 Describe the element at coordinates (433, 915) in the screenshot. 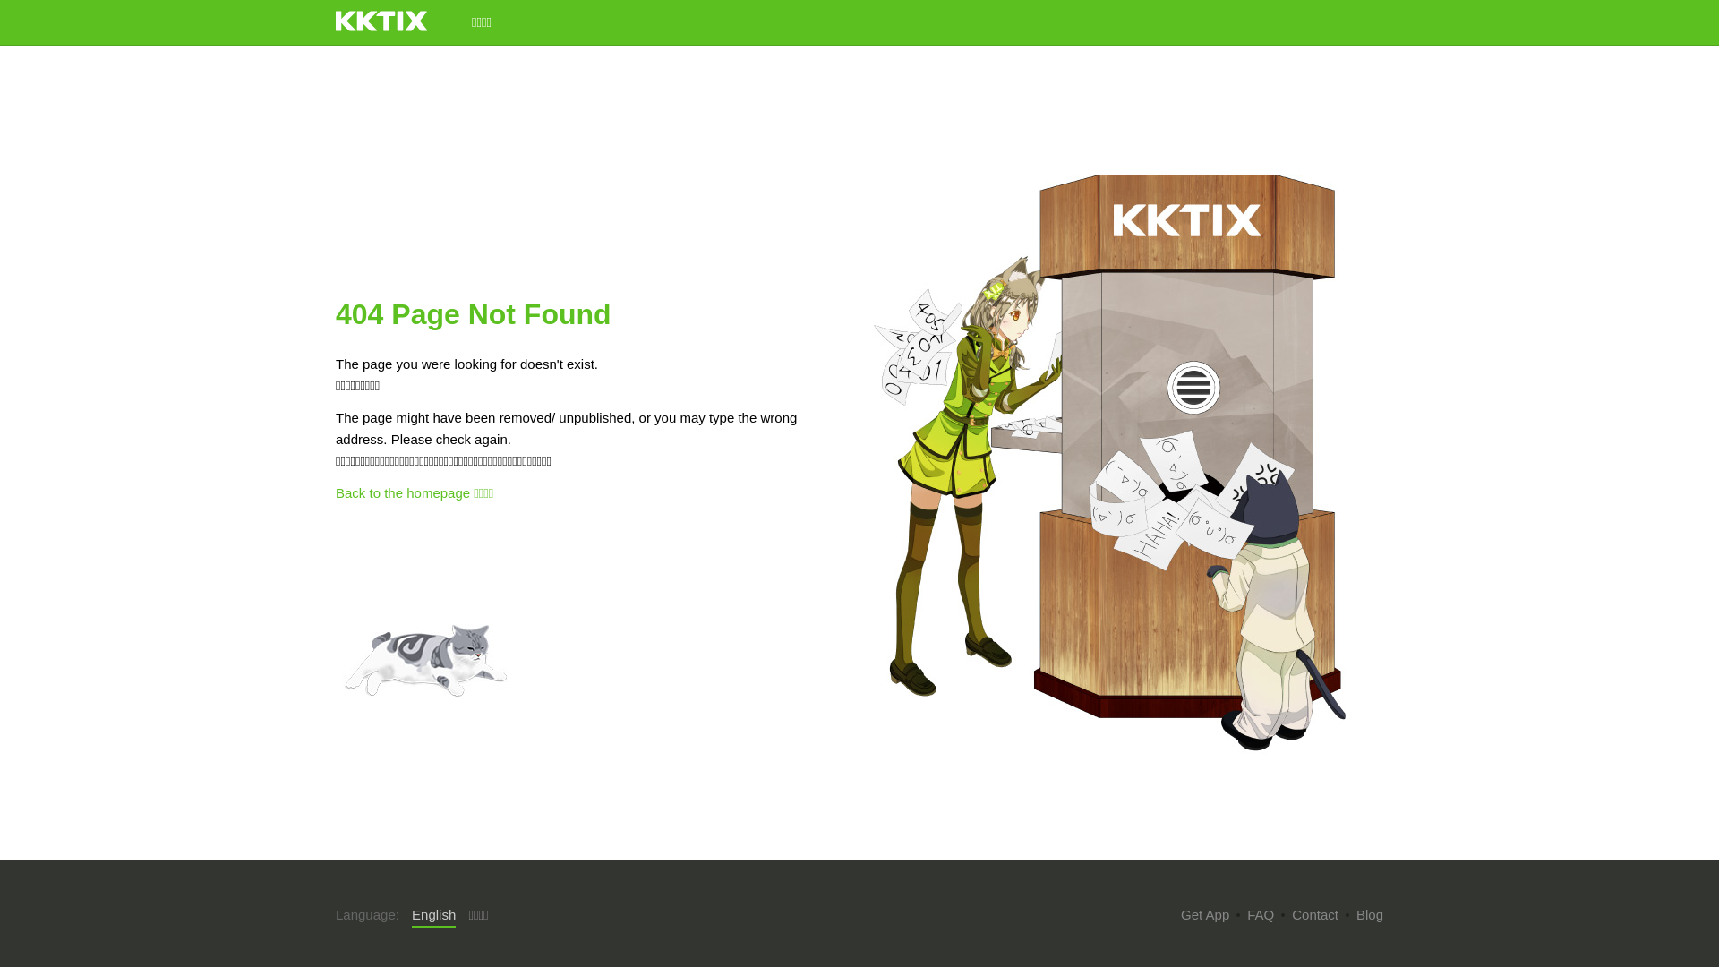

I see `'English'` at that location.